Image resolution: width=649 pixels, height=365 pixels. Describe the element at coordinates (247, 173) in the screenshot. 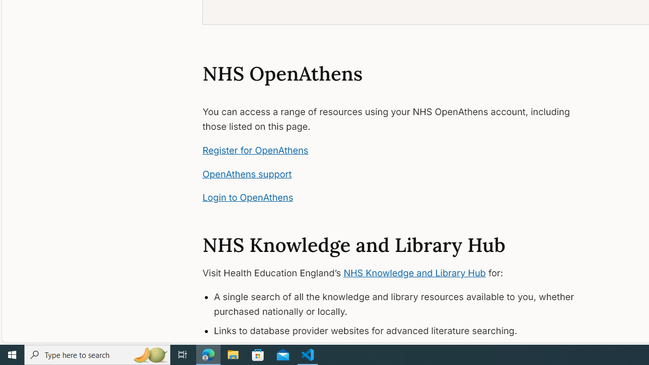

I see `'OpenAthens support'` at that location.